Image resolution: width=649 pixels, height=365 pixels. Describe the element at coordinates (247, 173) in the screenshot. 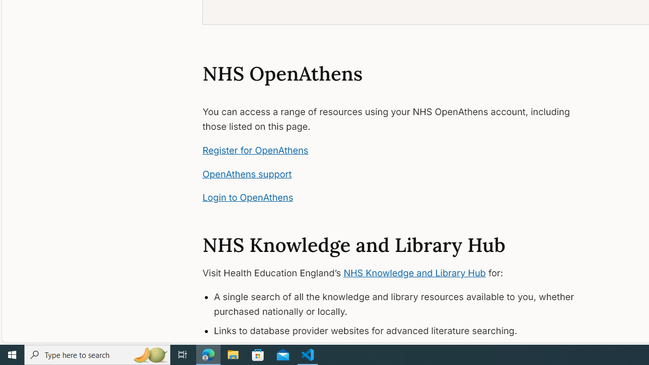

I see `'OpenAthens support'` at that location.